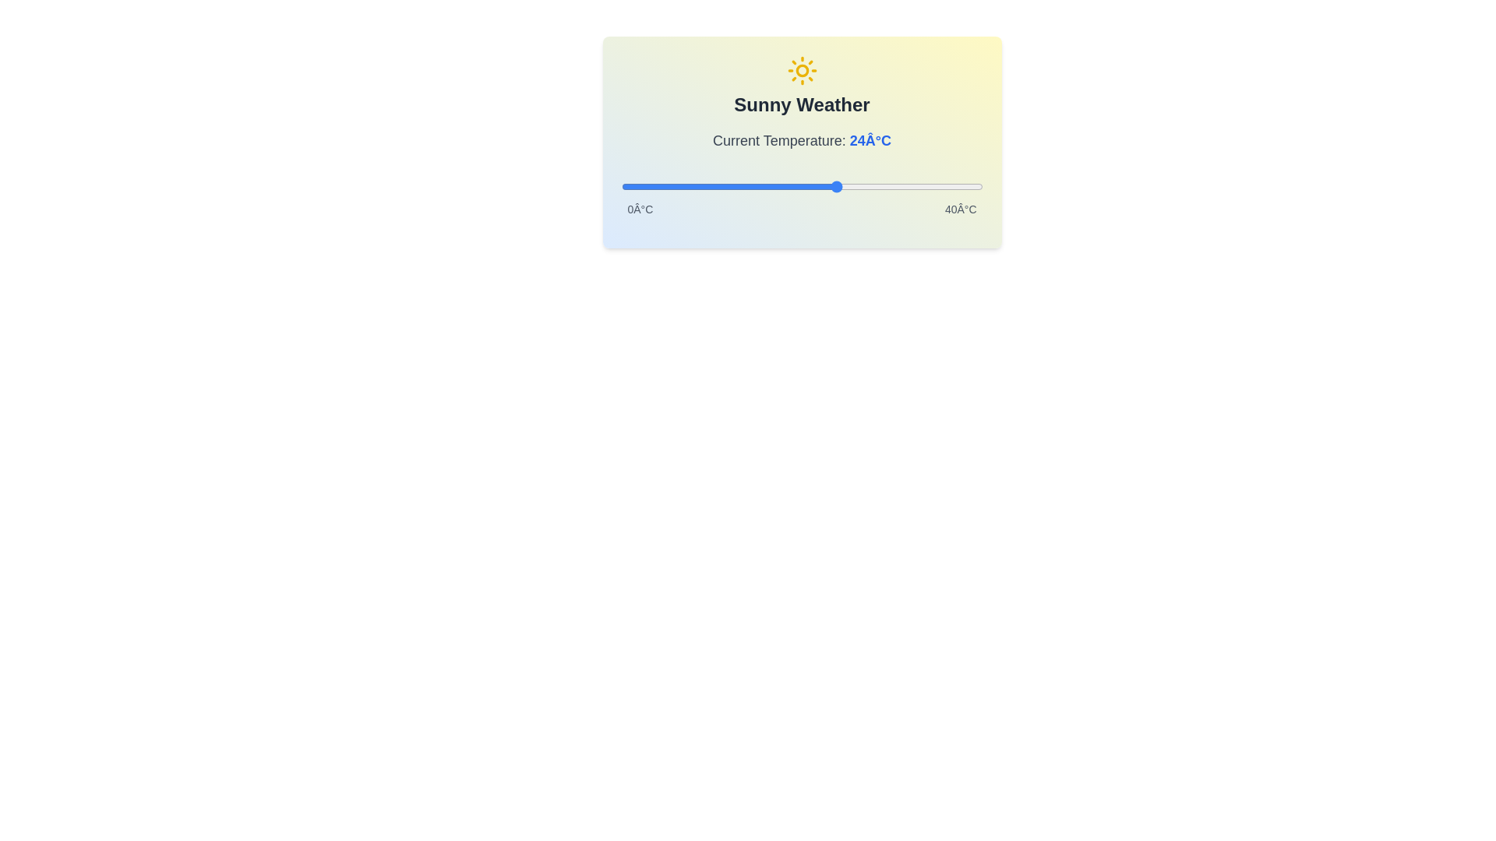  Describe the element at coordinates (960, 209) in the screenshot. I see `the static text label indicating the maximum temperature value on the visual temperature scale, positioned at the right end of the temperature scale bar` at that location.